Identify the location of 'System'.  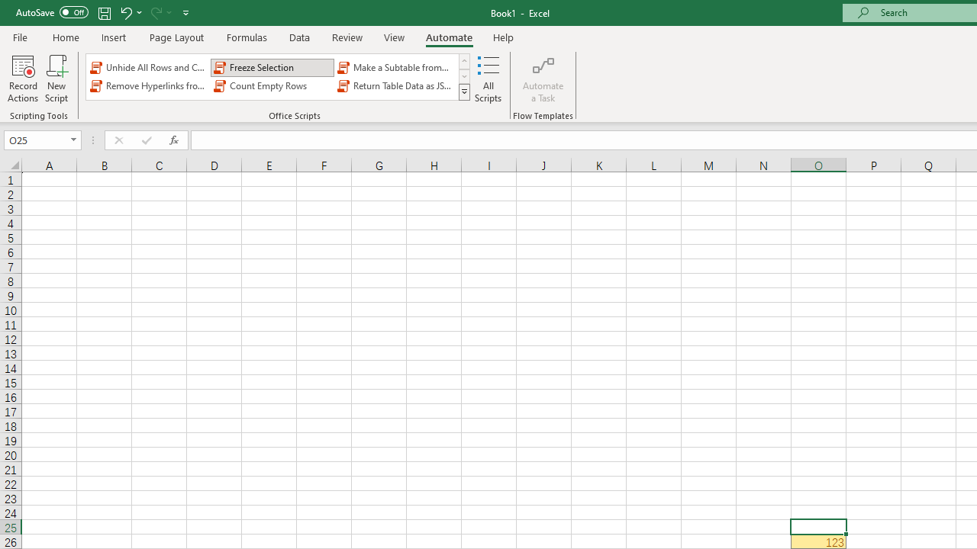
(8, 8).